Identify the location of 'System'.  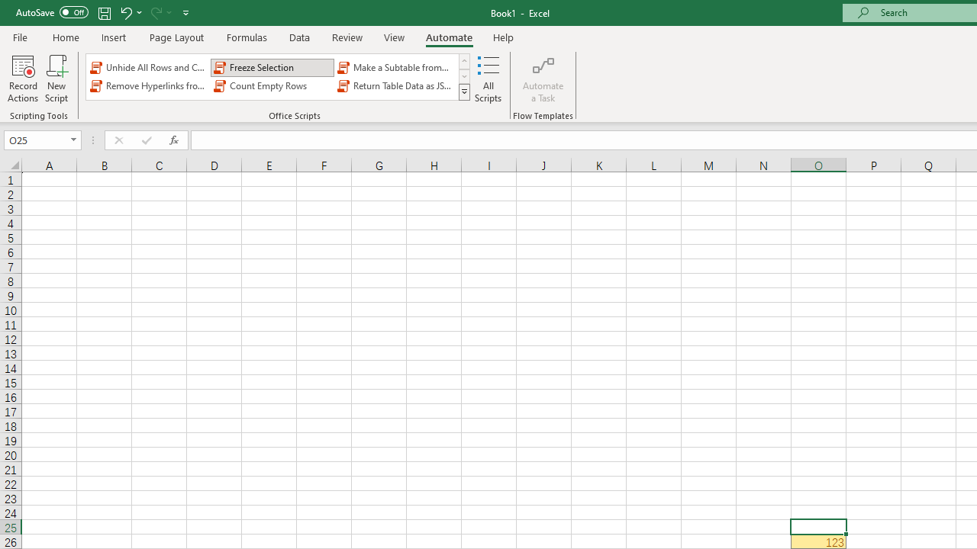
(8, 8).